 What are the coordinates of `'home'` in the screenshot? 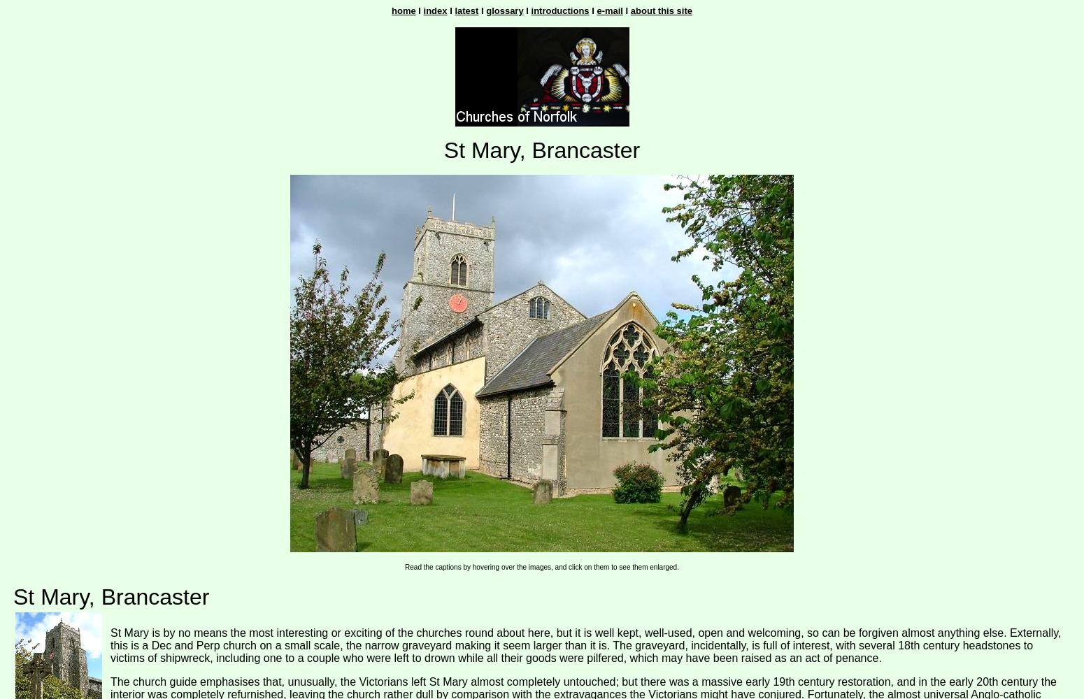 It's located at (392, 10).